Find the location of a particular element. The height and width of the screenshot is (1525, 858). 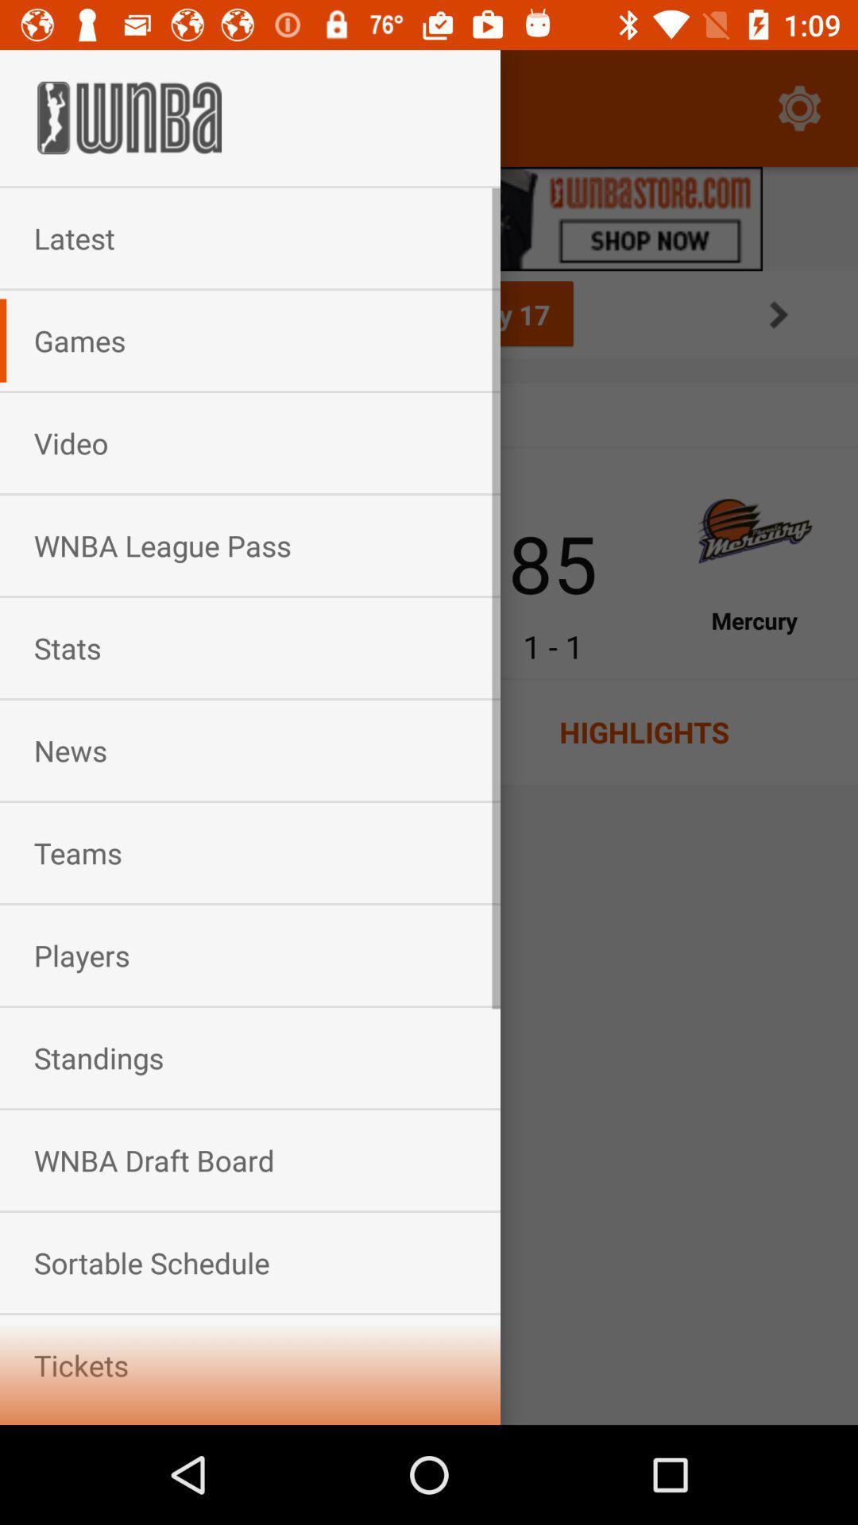

the arrow_forward icon is located at coordinates (778, 314).